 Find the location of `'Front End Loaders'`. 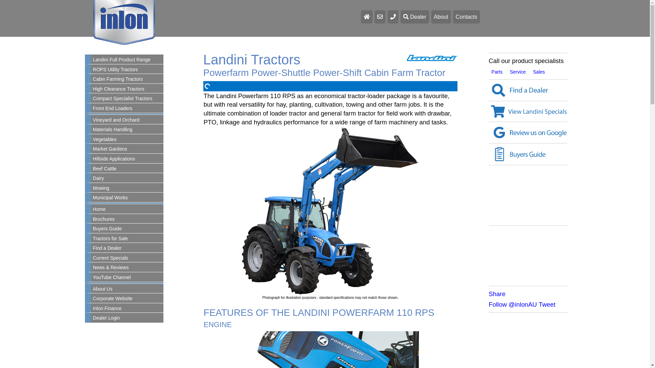

'Front End Loaders' is located at coordinates (127, 108).